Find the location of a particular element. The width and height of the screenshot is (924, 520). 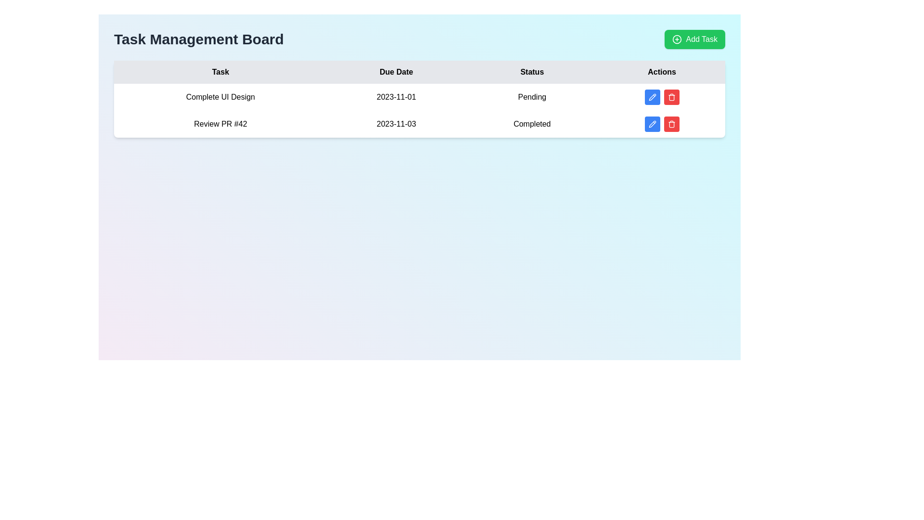

the text label displaying 'Pending' in the 'Status' column of the task entry for 'Complete UI Design' is located at coordinates (531, 97).